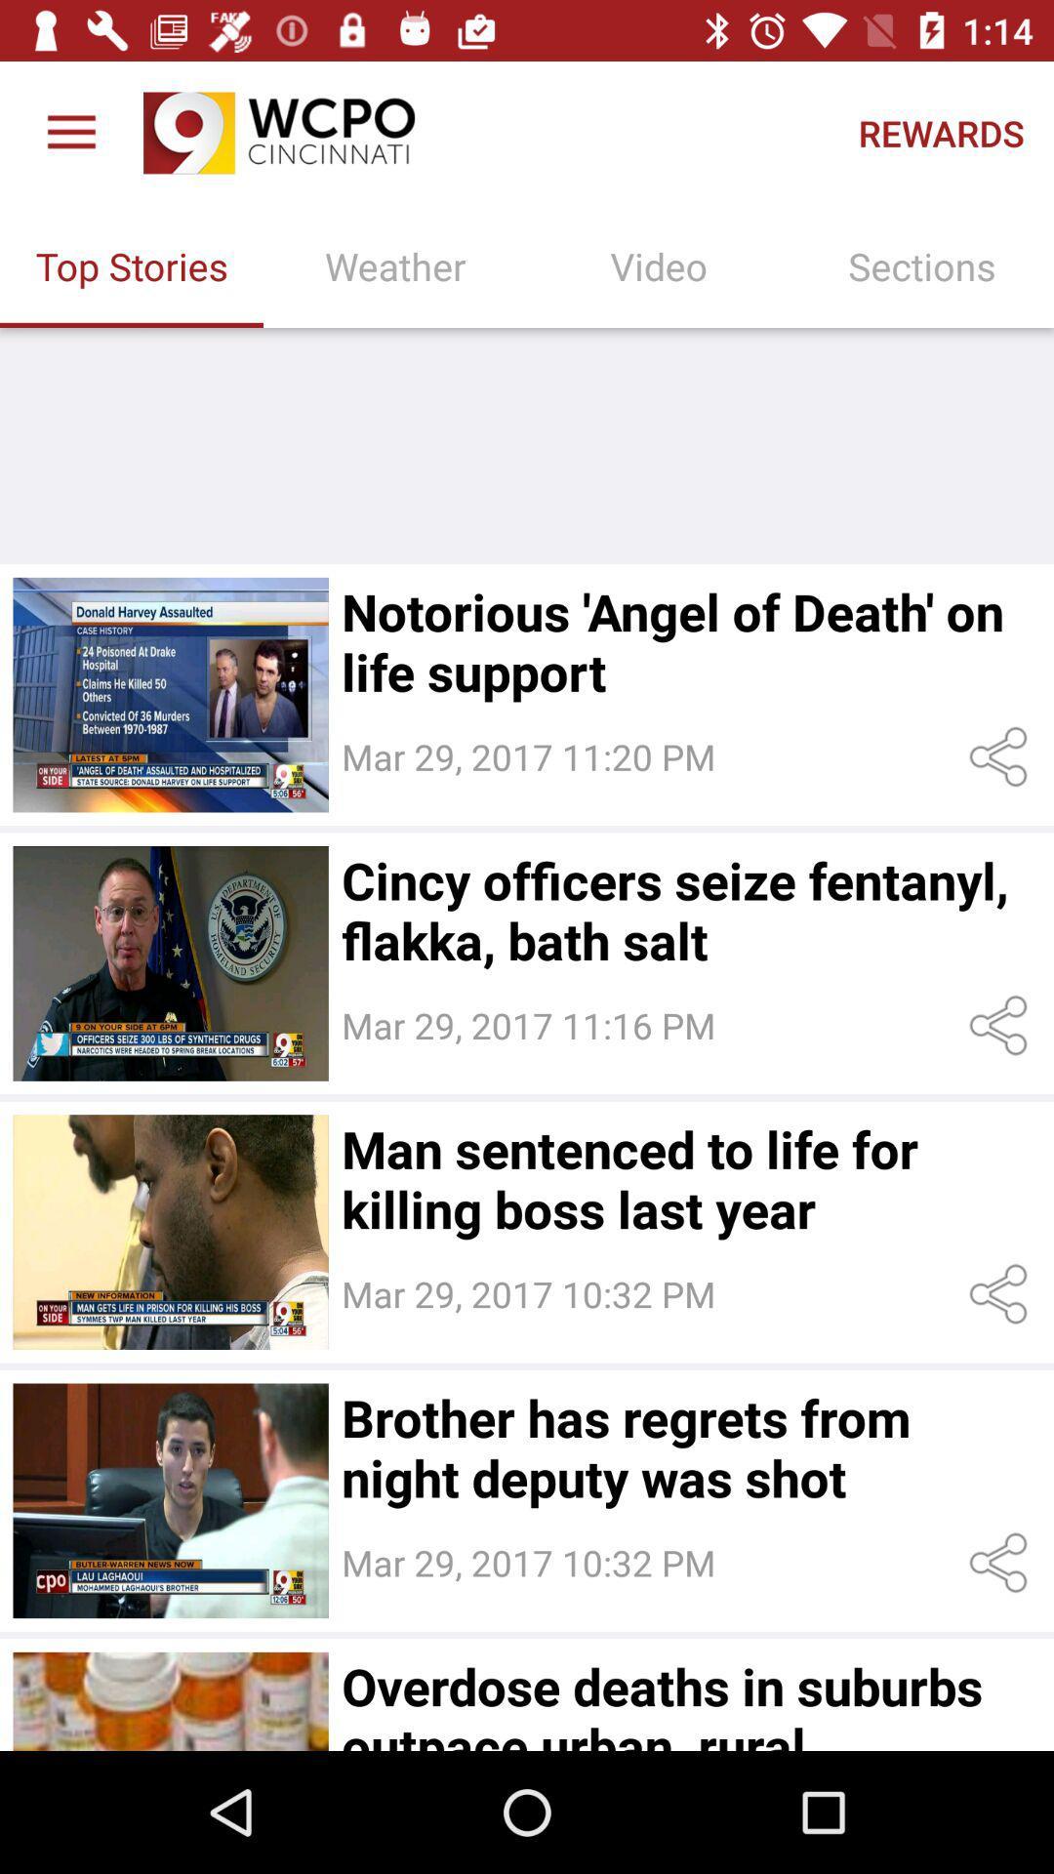 The height and width of the screenshot is (1874, 1054). I want to click on share this, so click(1002, 1025).